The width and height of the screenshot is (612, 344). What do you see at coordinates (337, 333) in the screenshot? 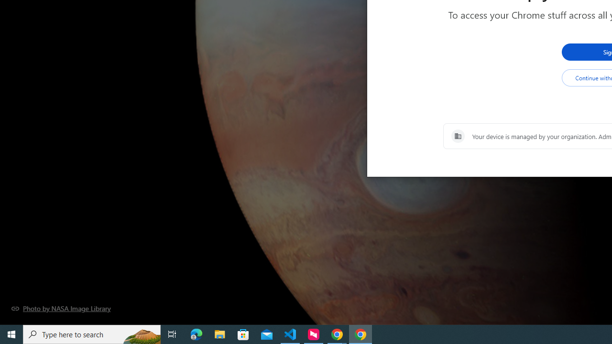
I see `'Google Chrome - 2 running windows'` at bounding box center [337, 333].